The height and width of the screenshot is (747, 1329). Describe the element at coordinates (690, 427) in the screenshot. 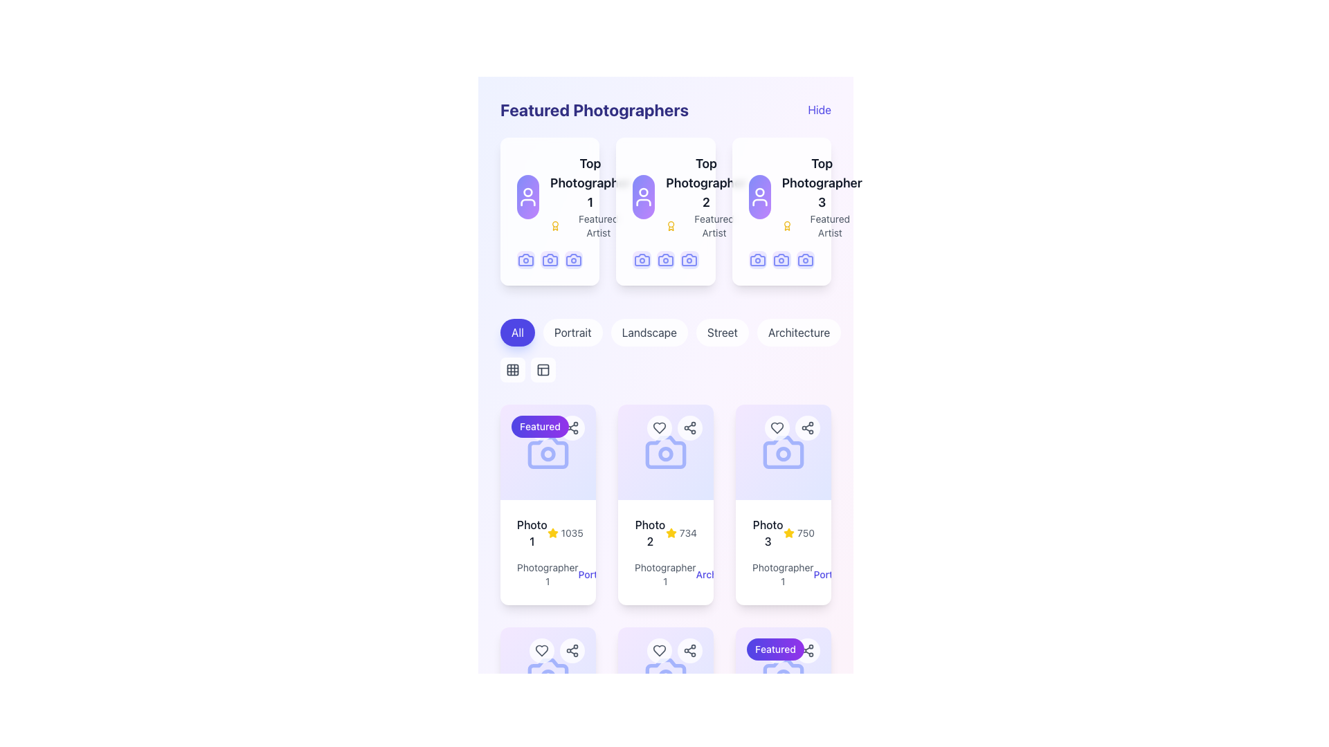

I see `the circular button with a sharing network icon located at the top-right corner of the card for 'Photo 2'` at that location.